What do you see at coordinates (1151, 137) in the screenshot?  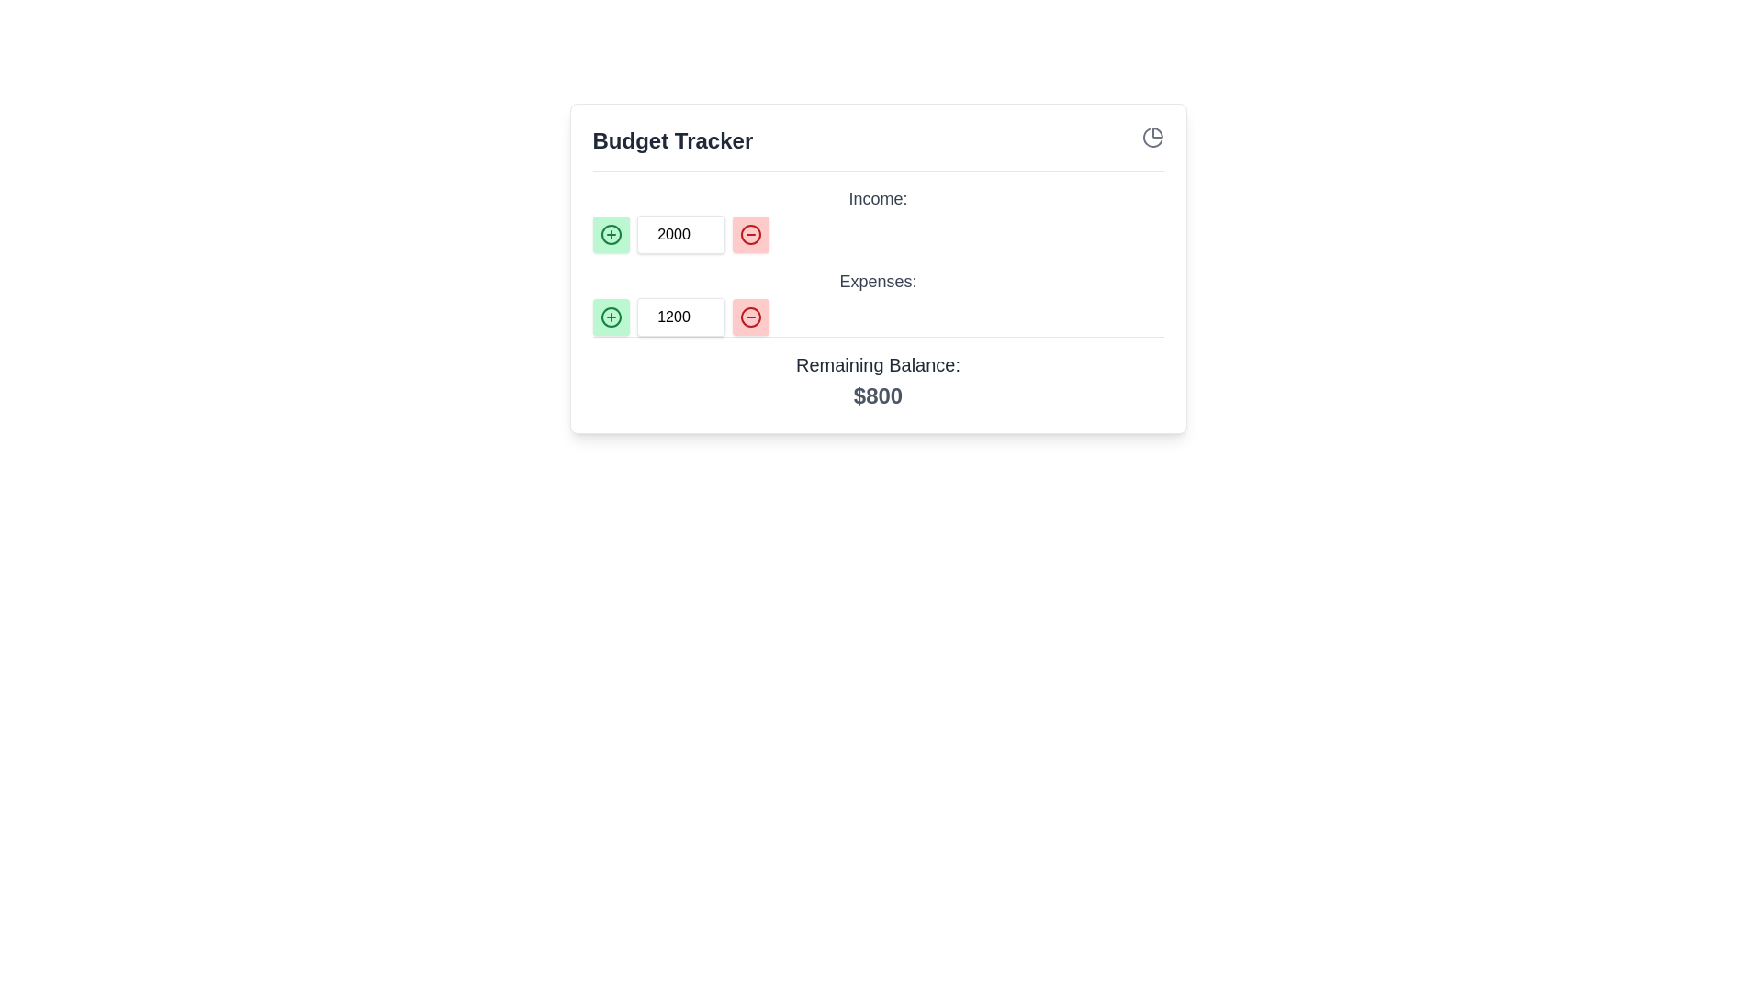 I see `the icon located in the top-right corner of the 'Budget Tracker' header, which likely serves as a button for data visualization options` at bounding box center [1151, 137].